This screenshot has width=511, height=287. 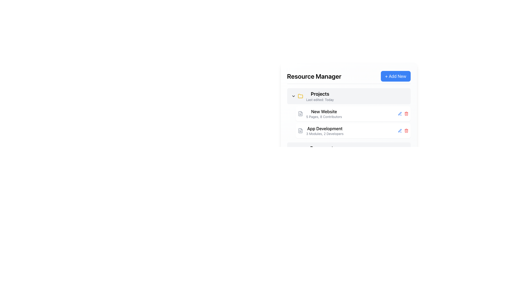 I want to click on the small light gray text block reading '5 Pages, 8 Contributors', which is positioned directly below the 'New Website' text in the 'Projects' section of the 'Resource Manager', so click(x=324, y=116).